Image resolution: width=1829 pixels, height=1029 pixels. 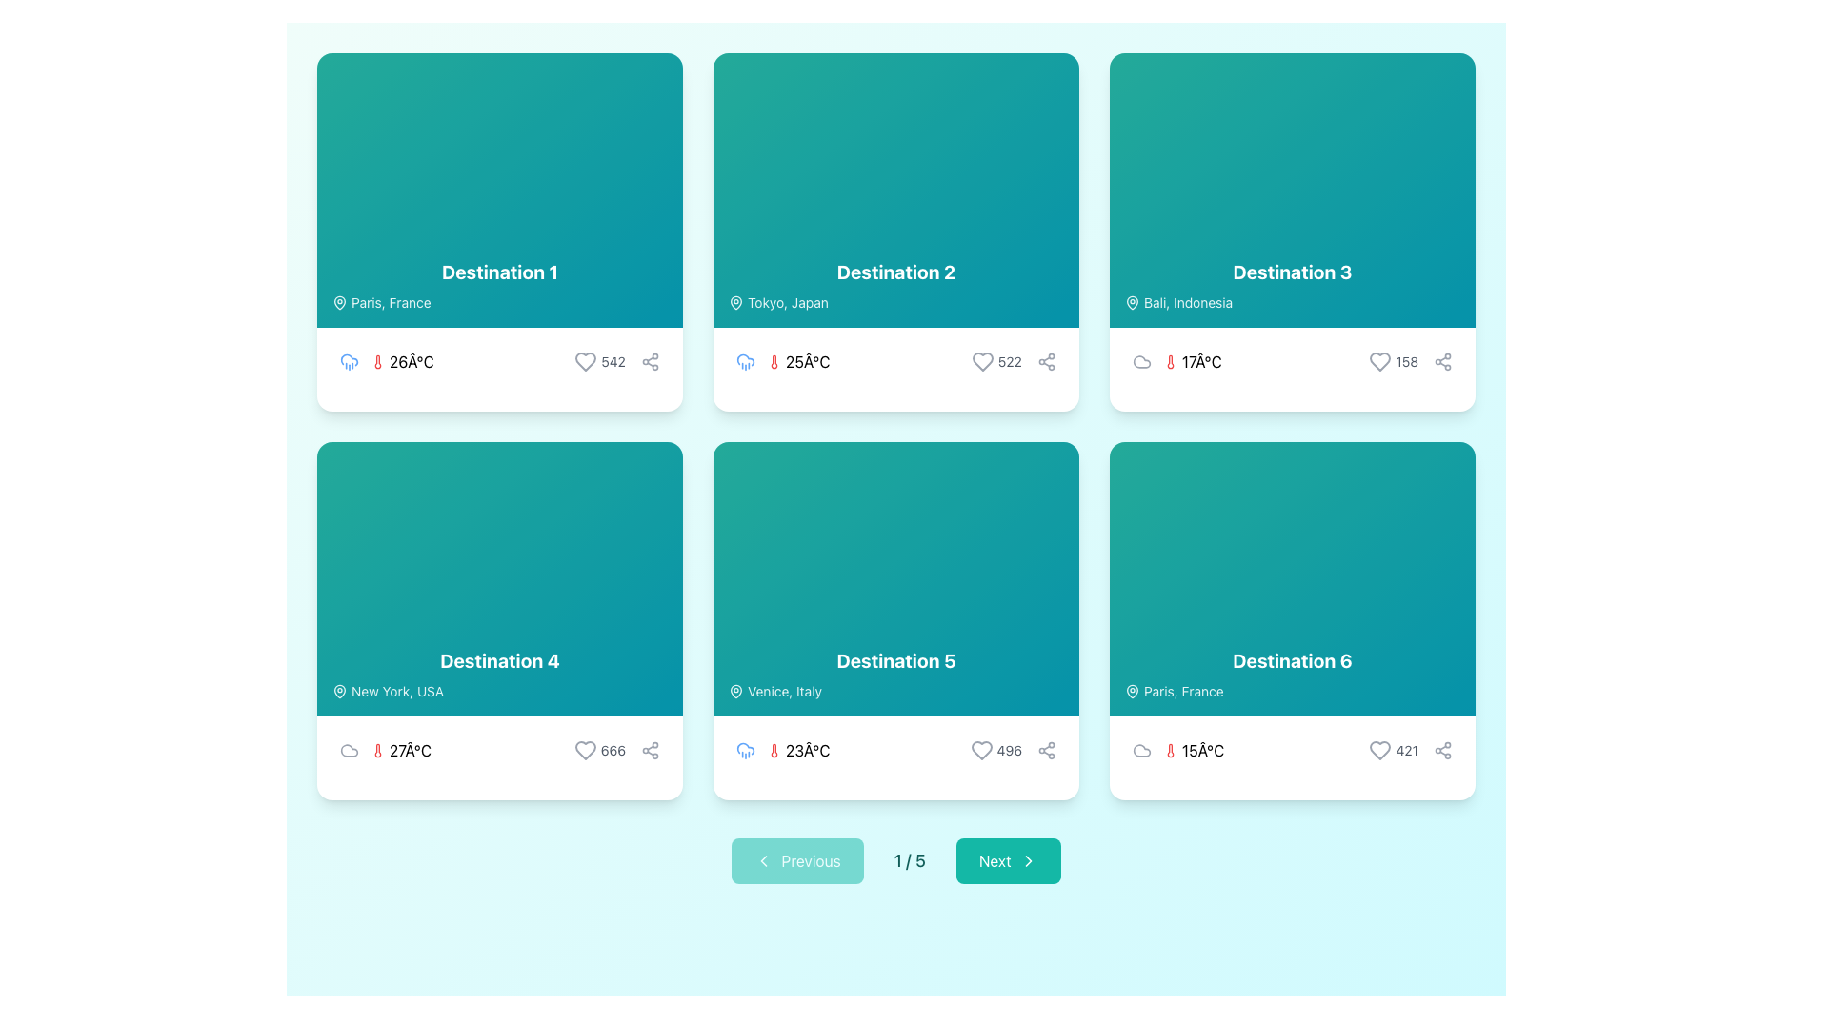 I want to click on temperature value displayed in the bottom-left section of the 'Destination 6' card, which is the third entry after a gray cloud icon and before a heart icon, so click(x=1177, y=749).